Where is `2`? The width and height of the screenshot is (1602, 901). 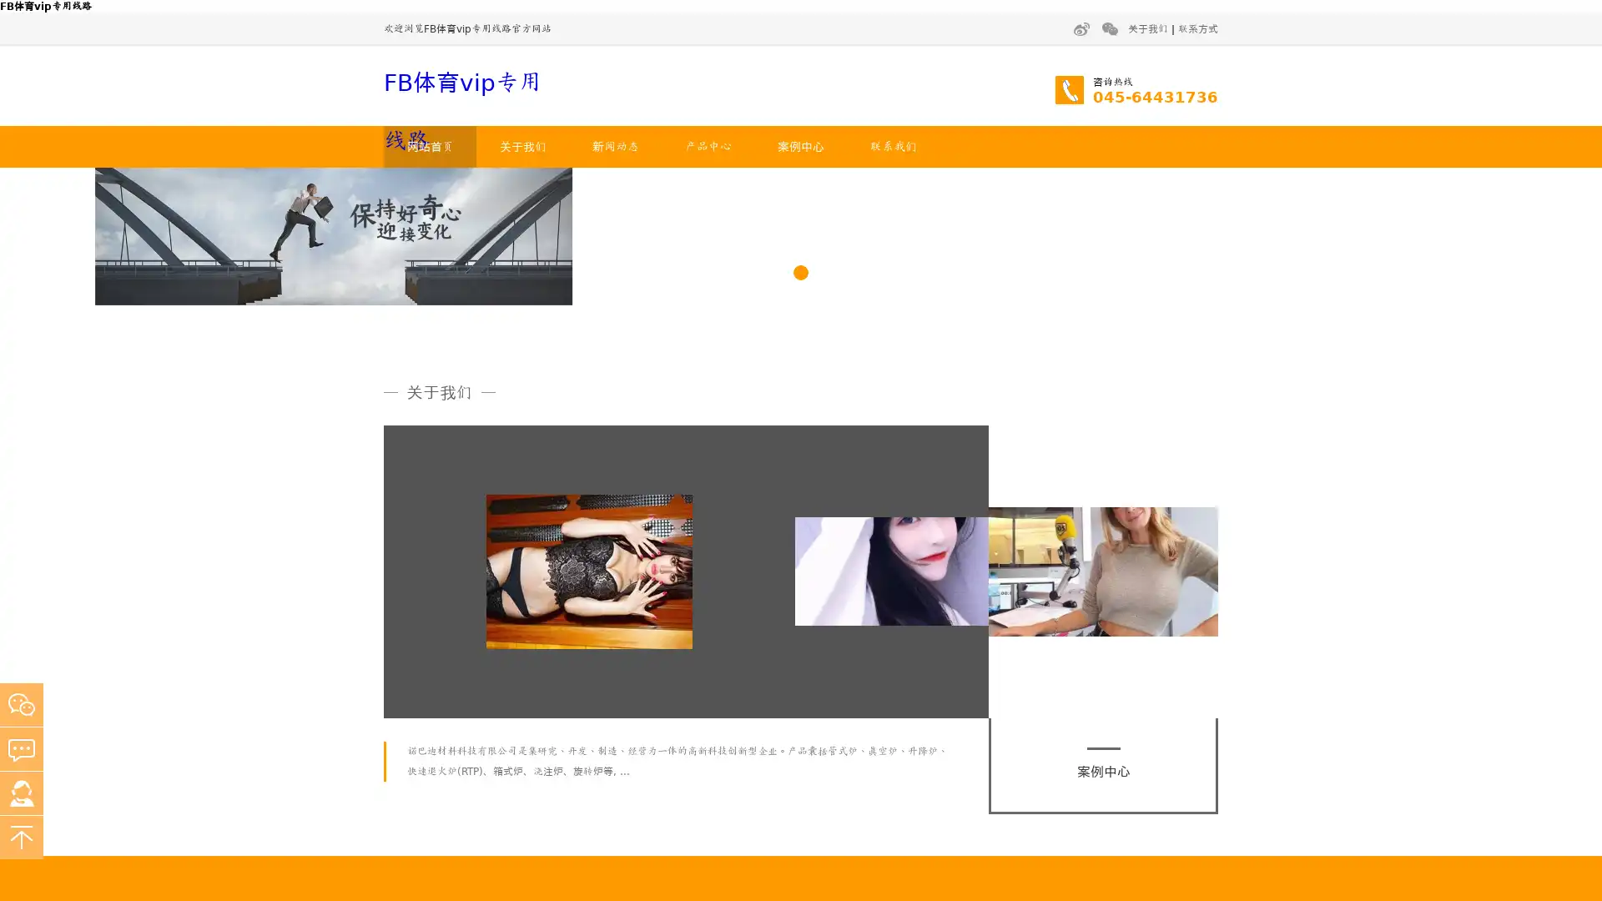 2 is located at coordinates (801, 464).